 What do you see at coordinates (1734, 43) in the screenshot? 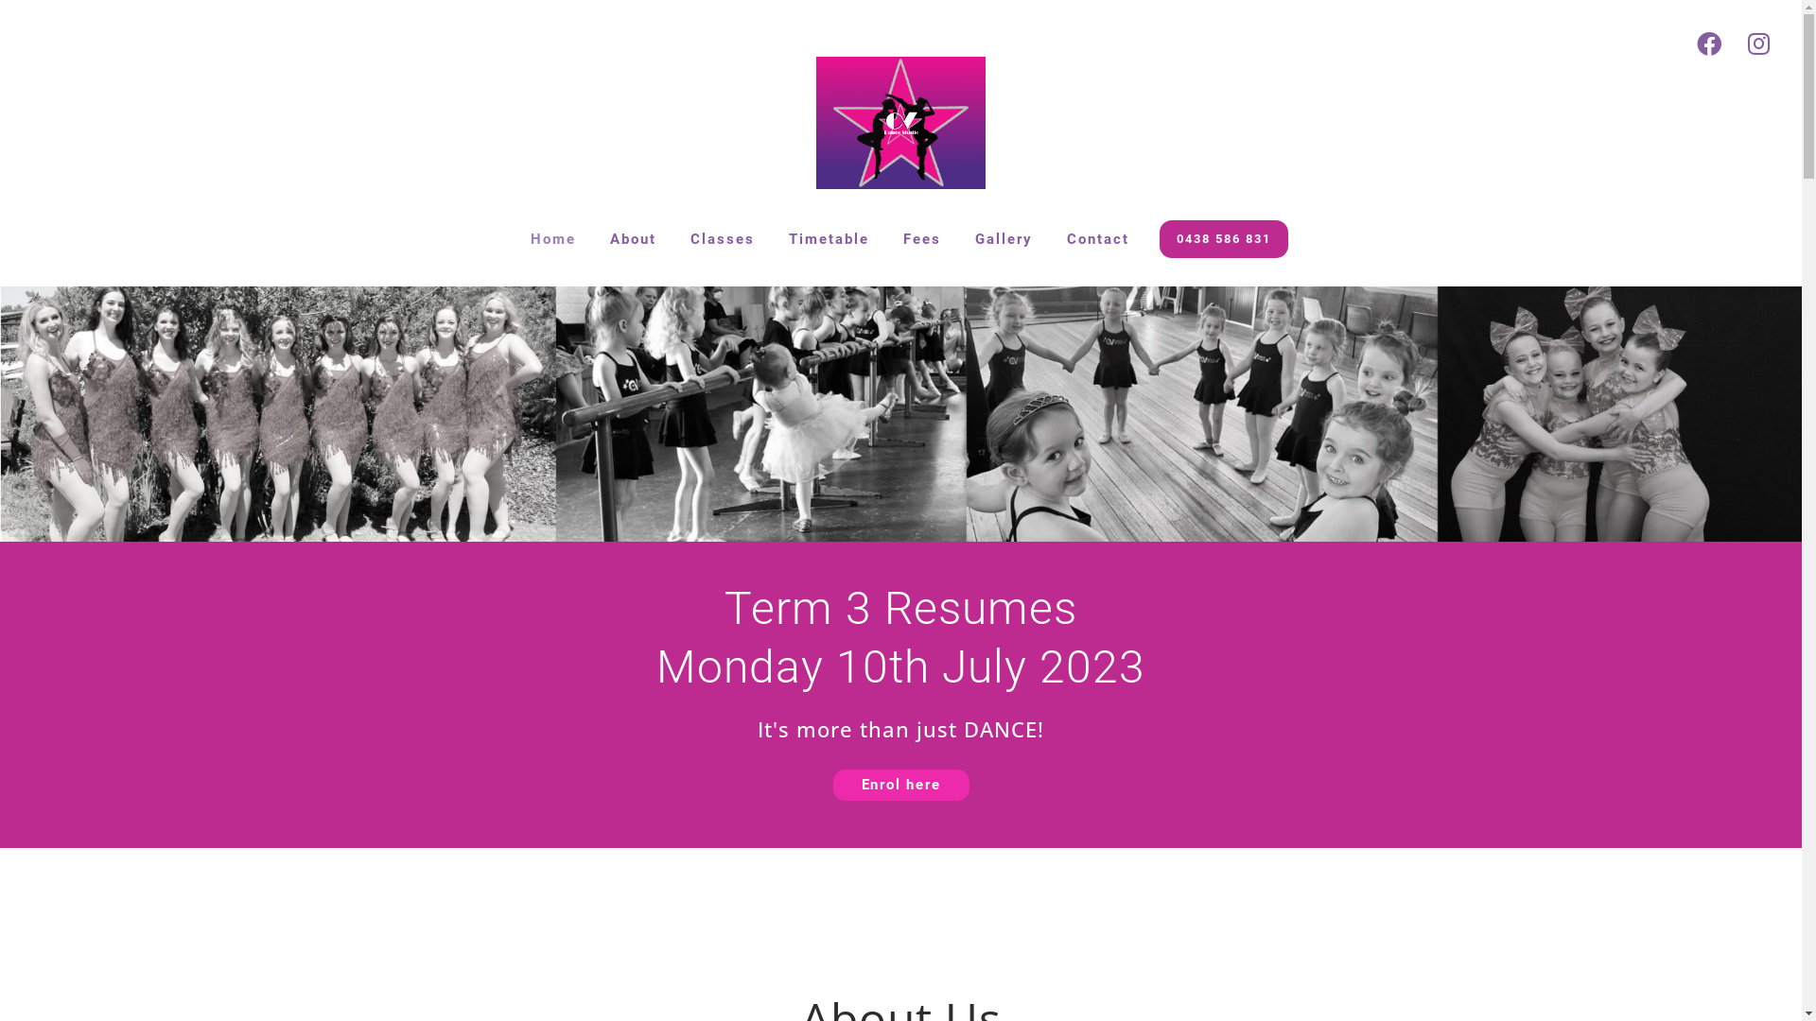
I see `'Instagram'` at bounding box center [1734, 43].